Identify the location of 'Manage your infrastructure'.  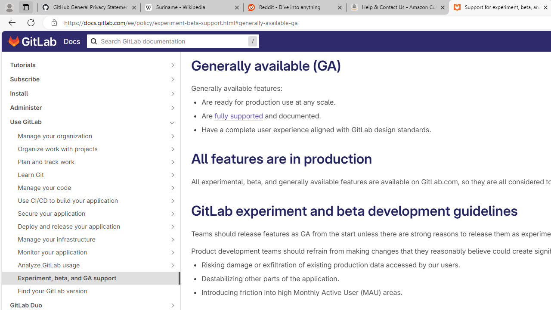
(86, 239).